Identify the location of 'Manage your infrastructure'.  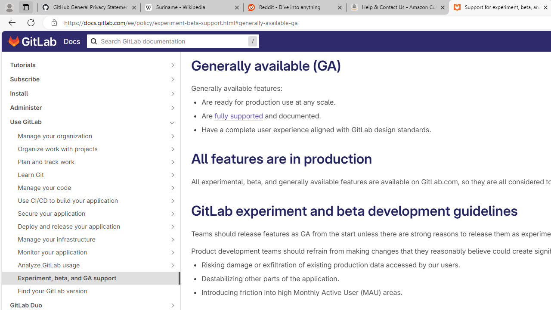
(86, 239).